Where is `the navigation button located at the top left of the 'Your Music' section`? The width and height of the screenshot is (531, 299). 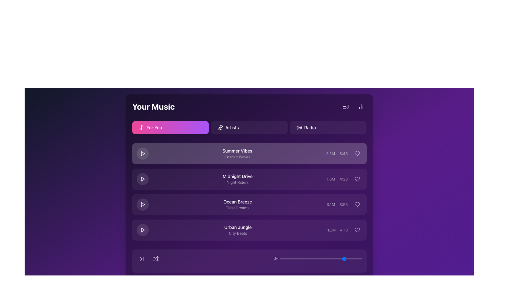
the navigation button located at the top left of the 'Your Music' section is located at coordinates (170, 128).